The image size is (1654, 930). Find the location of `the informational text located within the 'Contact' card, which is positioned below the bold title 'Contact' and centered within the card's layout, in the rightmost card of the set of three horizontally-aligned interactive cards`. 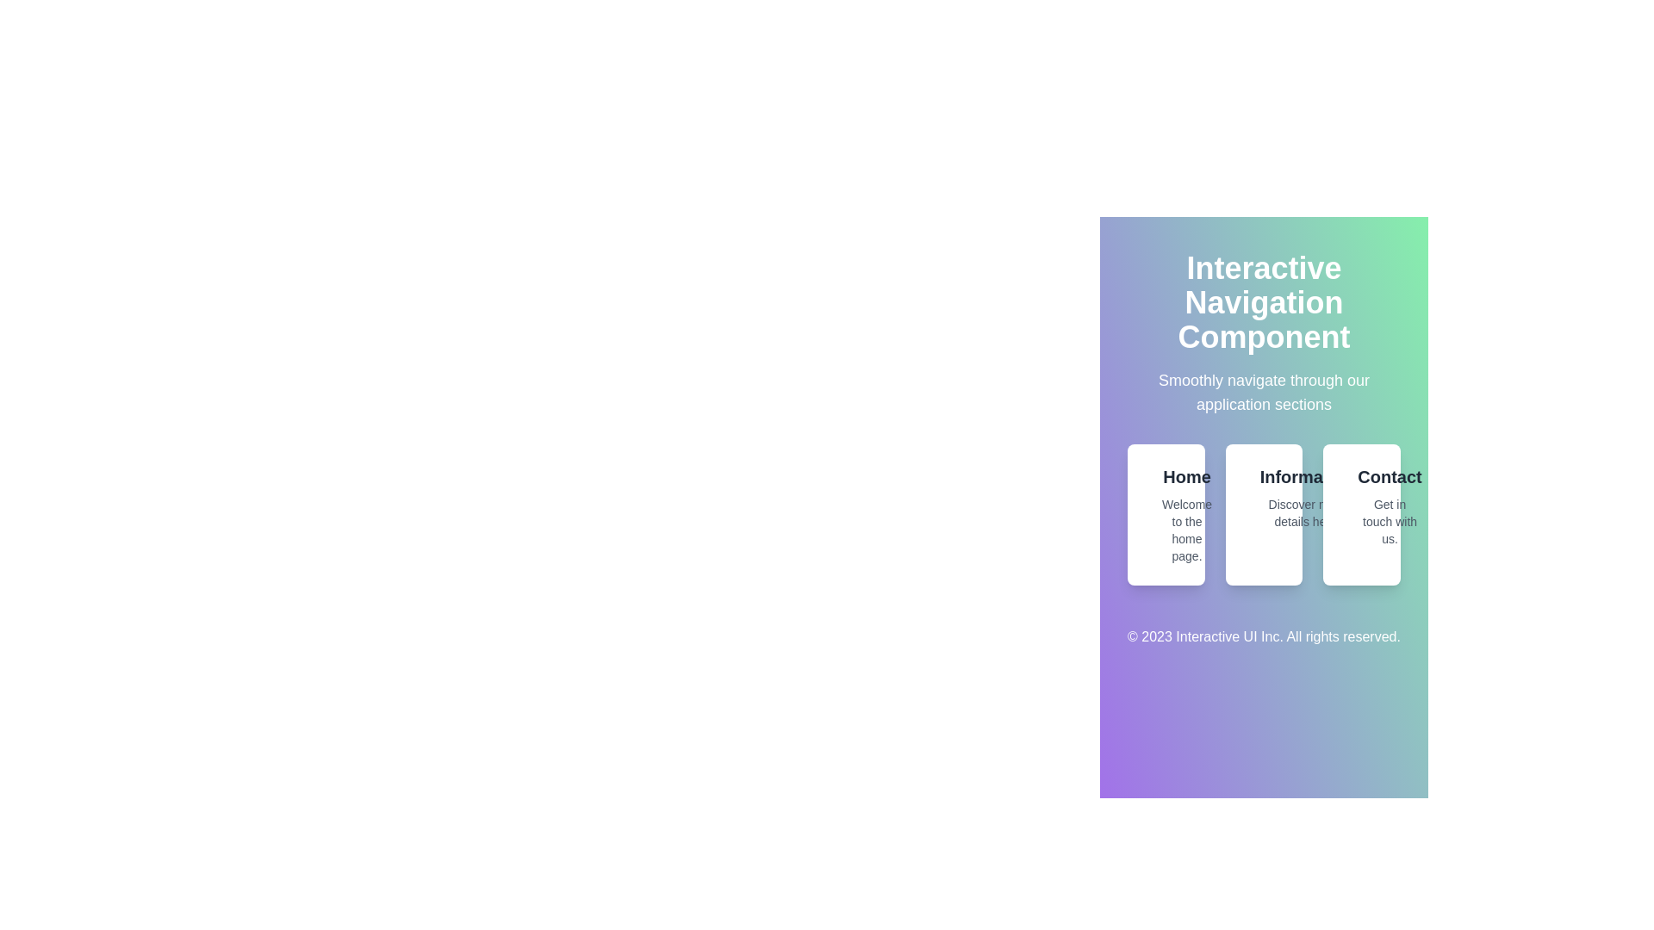

the informational text located within the 'Contact' card, which is positioned below the bold title 'Contact' and centered within the card's layout, in the rightmost card of the set of three horizontally-aligned interactive cards is located at coordinates (1390, 520).